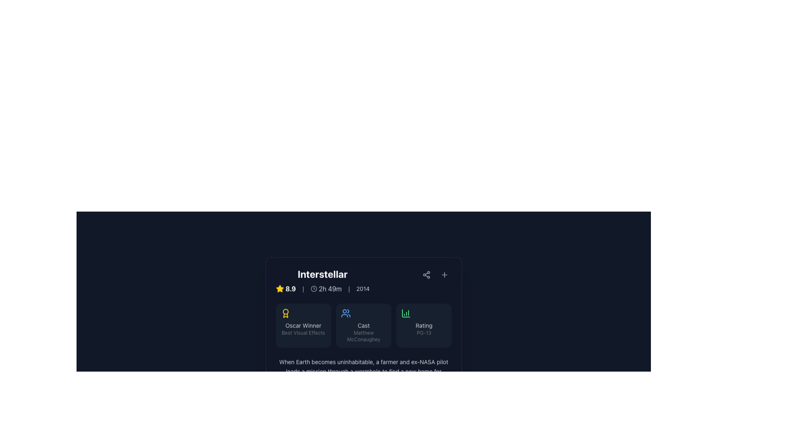 The height and width of the screenshot is (442, 786). I want to click on the visual separator that differentiates adjacent text elements, located between '2h 49m' and '2014' in the top center of the interface, so click(349, 288).